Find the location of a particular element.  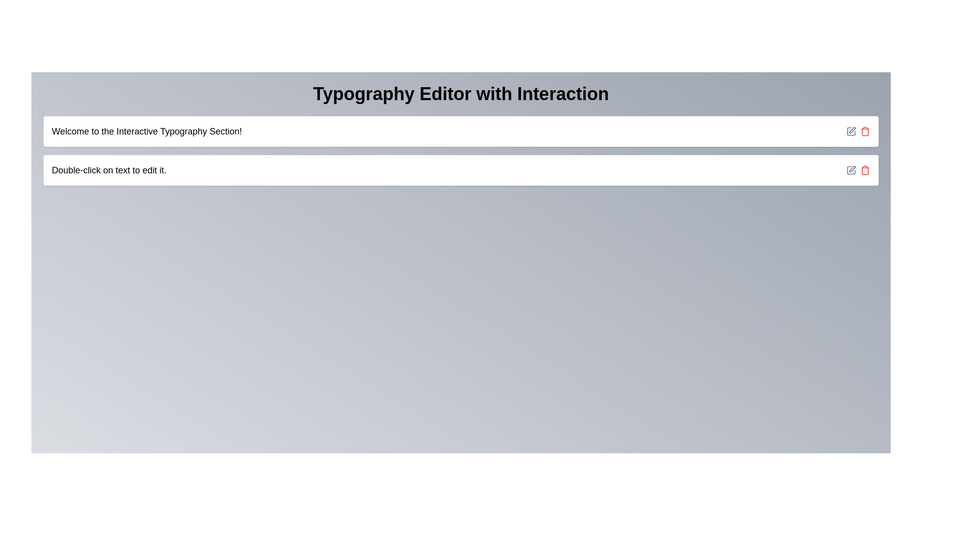

the vertical border inside the trash icon, which is part of the second row of interactive elements, representing a delete action for the associated text row is located at coordinates (865, 132).